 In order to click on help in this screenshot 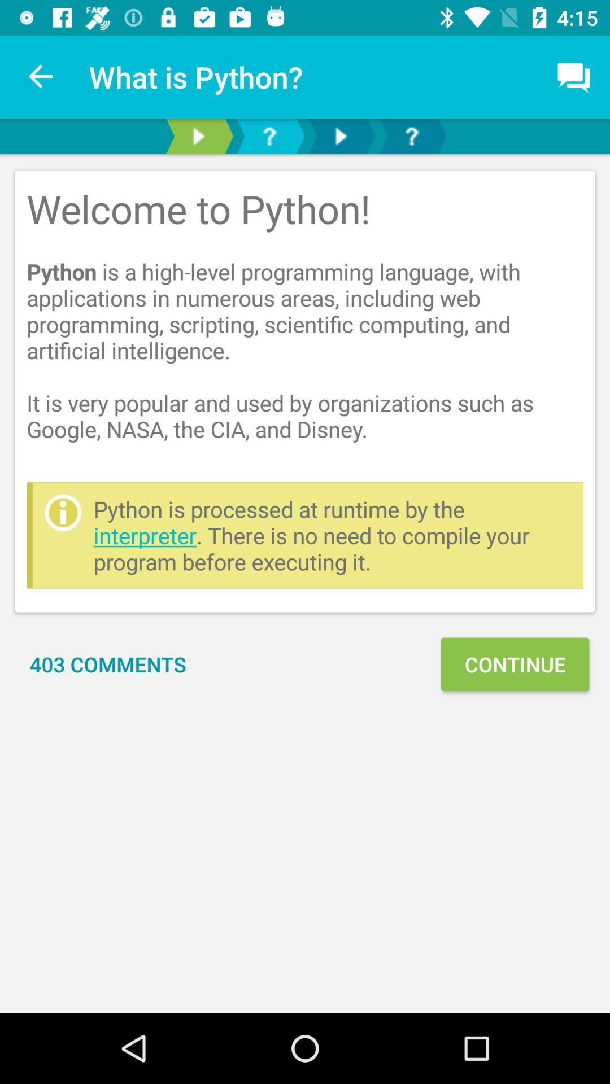, I will do `click(269, 135)`.